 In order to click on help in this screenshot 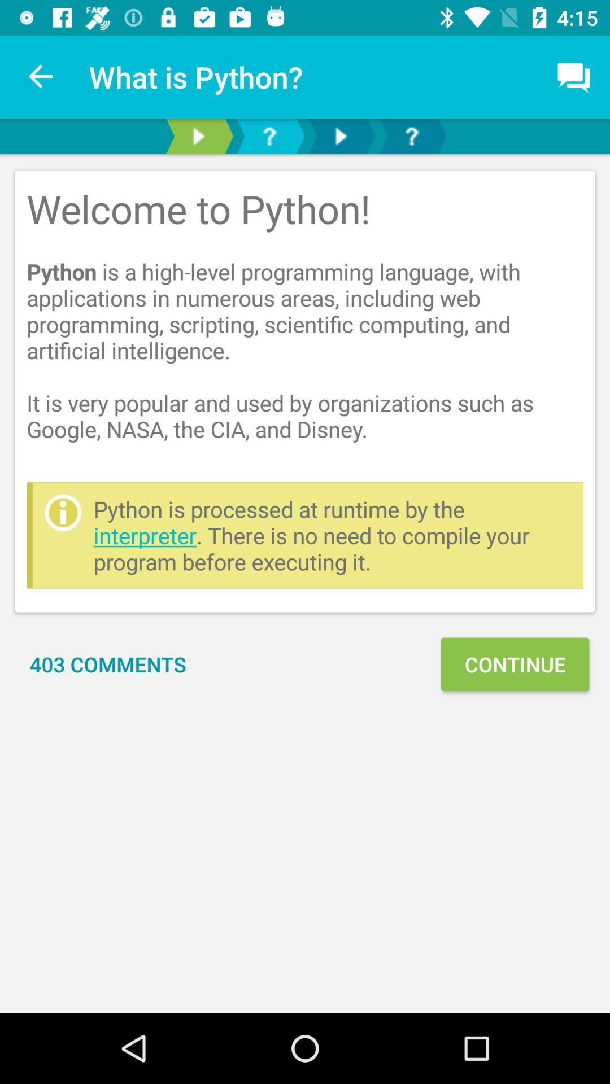, I will do `click(269, 135)`.